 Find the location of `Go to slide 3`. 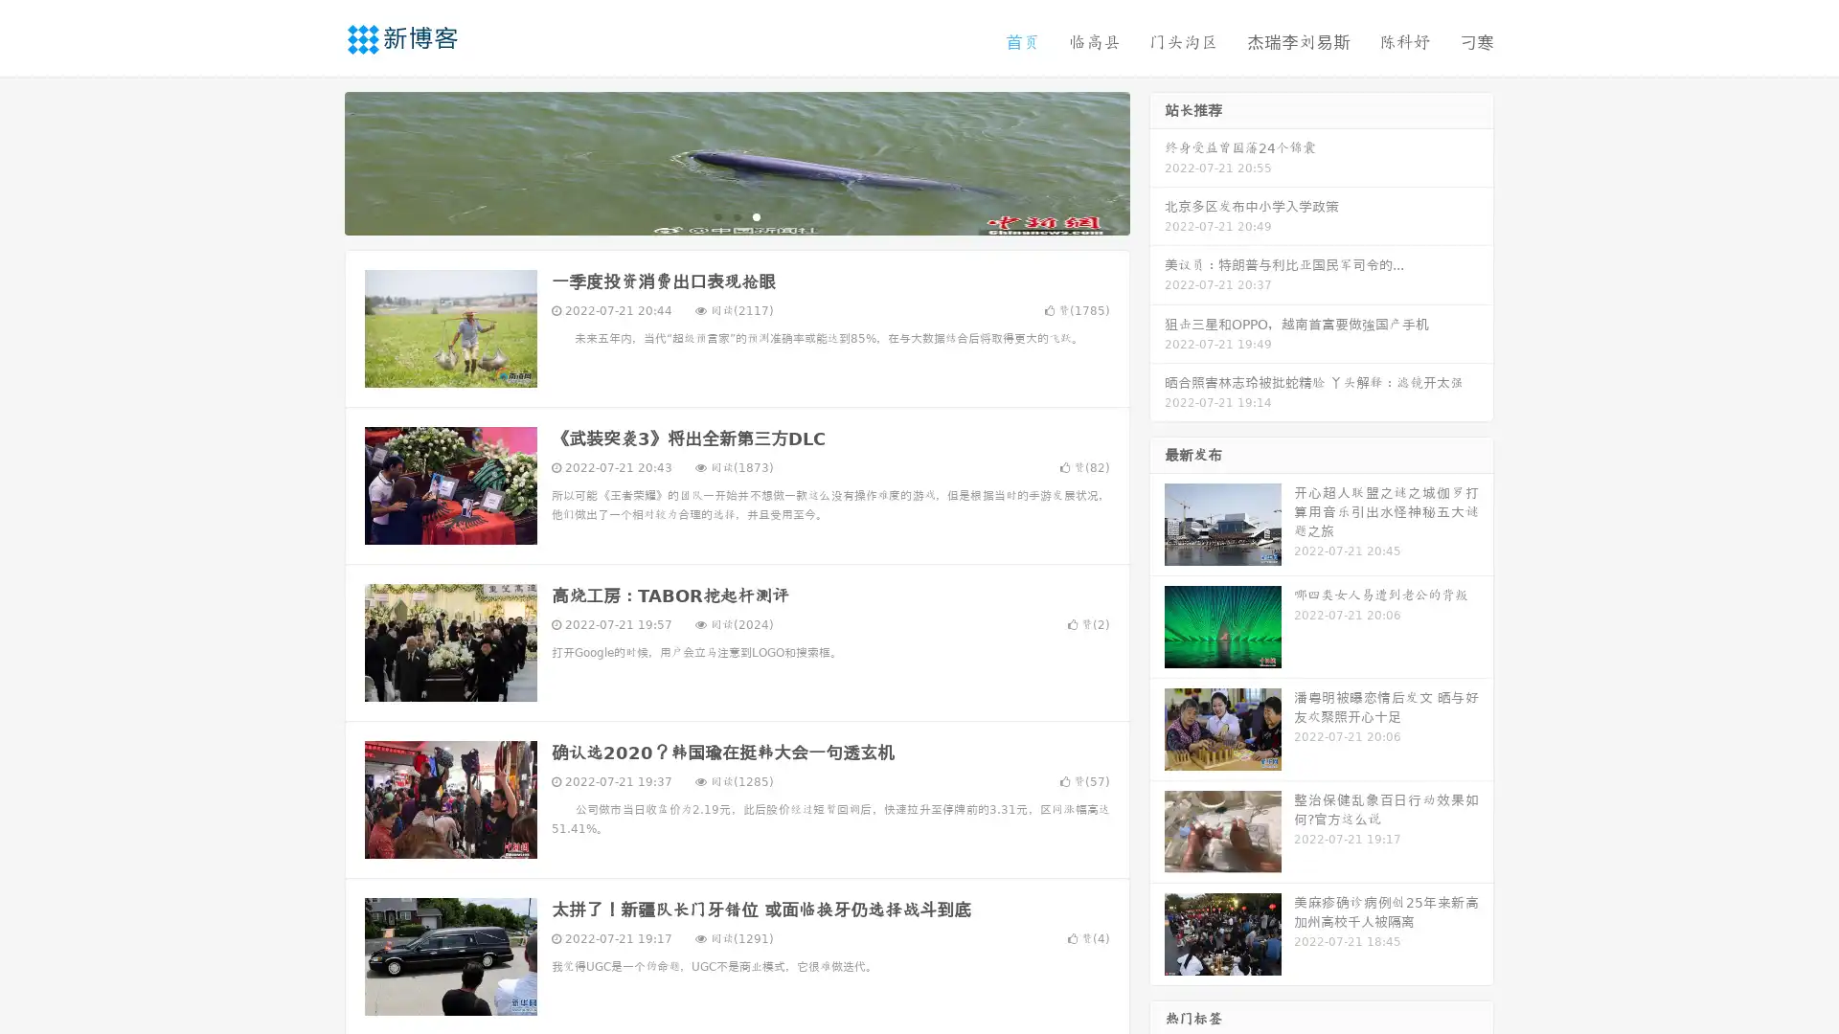

Go to slide 3 is located at coordinates (756, 215).